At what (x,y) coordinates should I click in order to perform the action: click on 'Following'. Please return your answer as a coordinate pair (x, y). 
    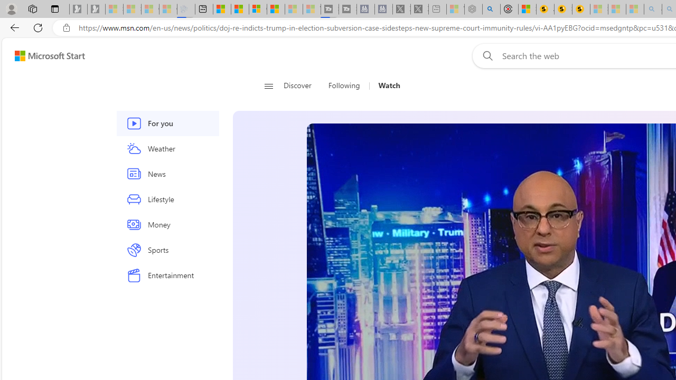
    Looking at the image, I should click on (345, 85).